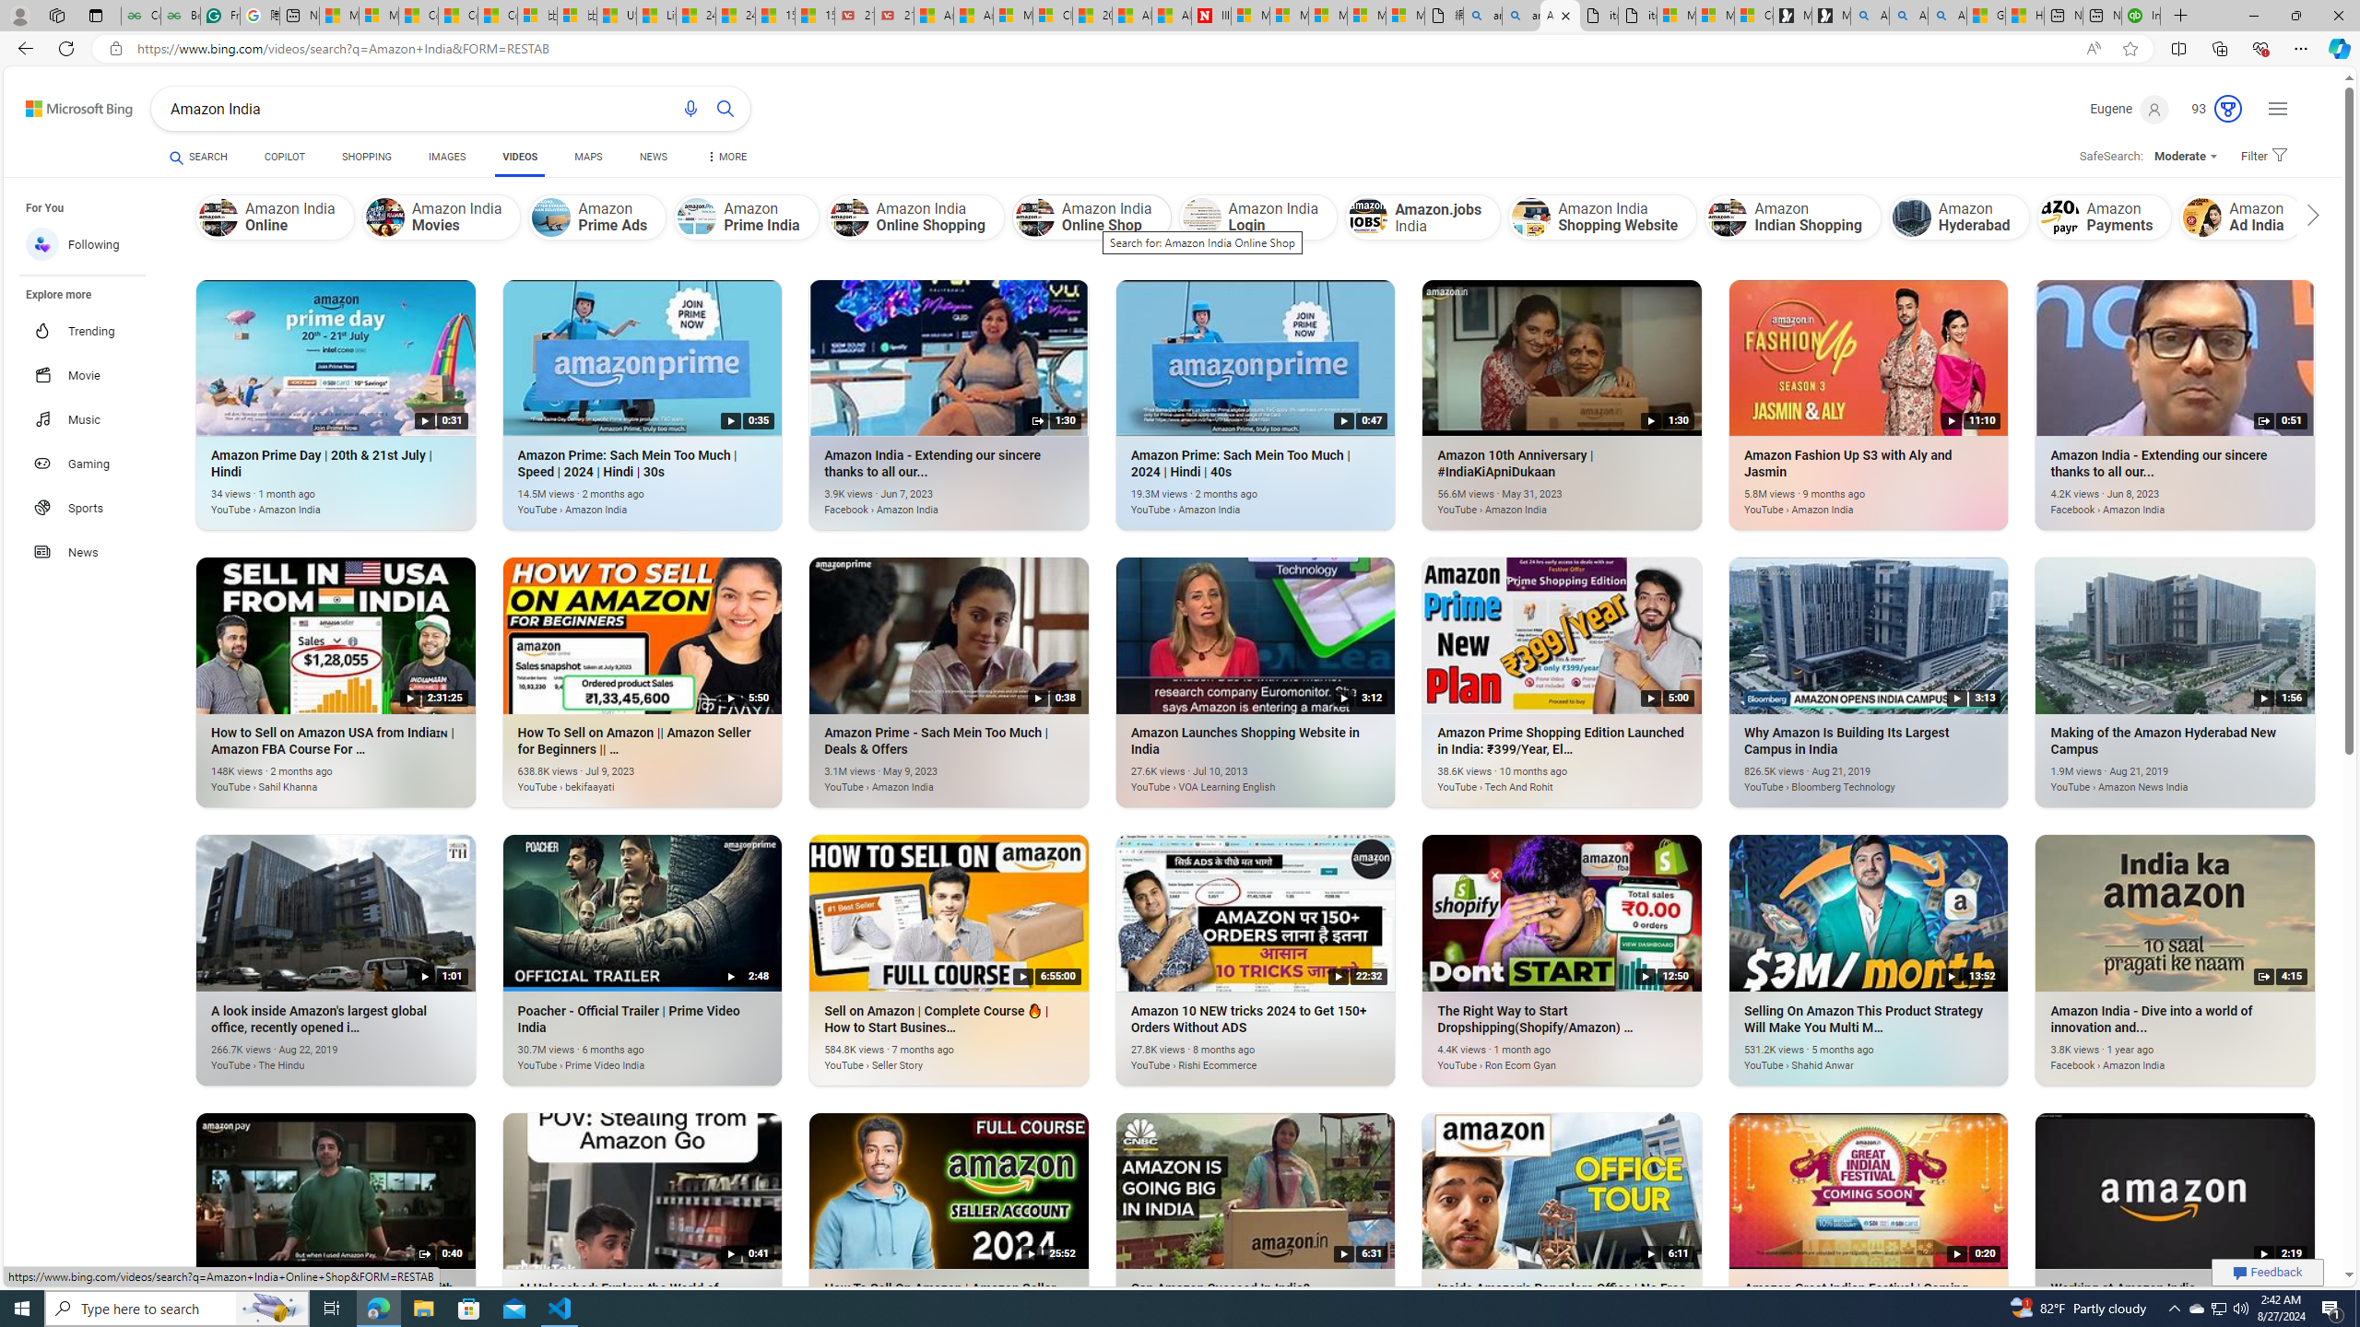 Image resolution: width=2360 pixels, height=1327 pixels. What do you see at coordinates (725, 156) in the screenshot?
I see `'Dropdown Menu'` at bounding box center [725, 156].